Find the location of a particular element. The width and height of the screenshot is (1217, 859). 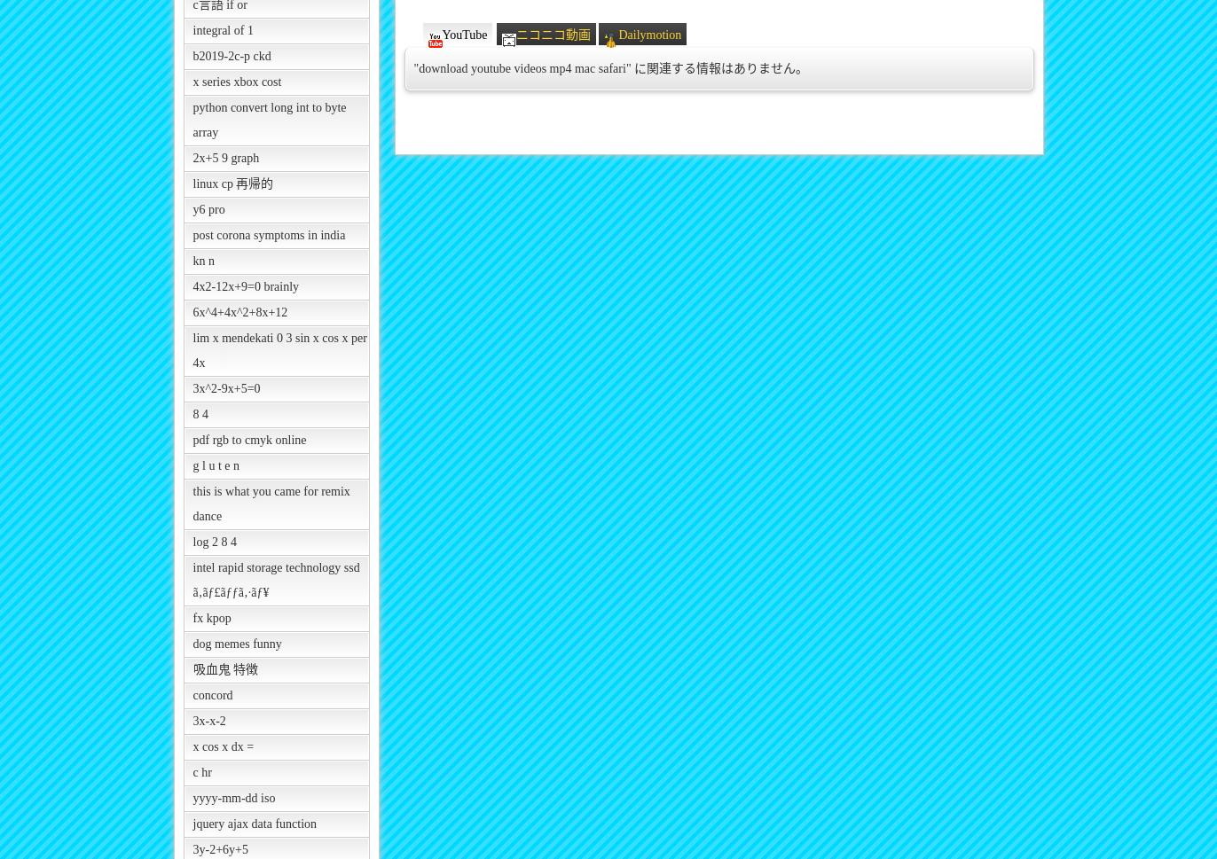

'c hr' is located at coordinates (201, 771).